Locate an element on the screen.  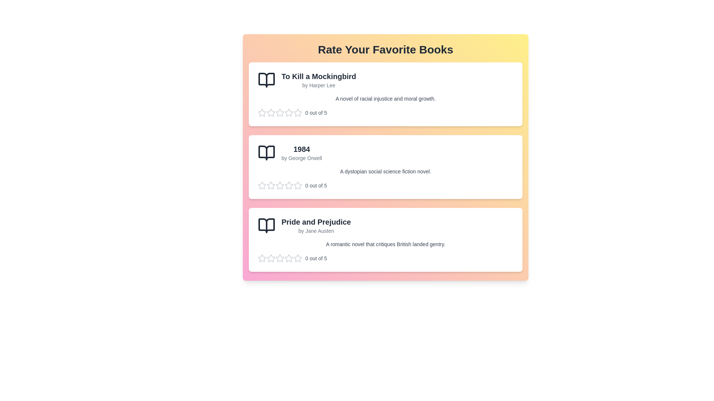
text label that serves as the title of the book, positioned above the 'by George Orwell' text in the 'Rate Your Favorite Books' section is located at coordinates (302, 149).